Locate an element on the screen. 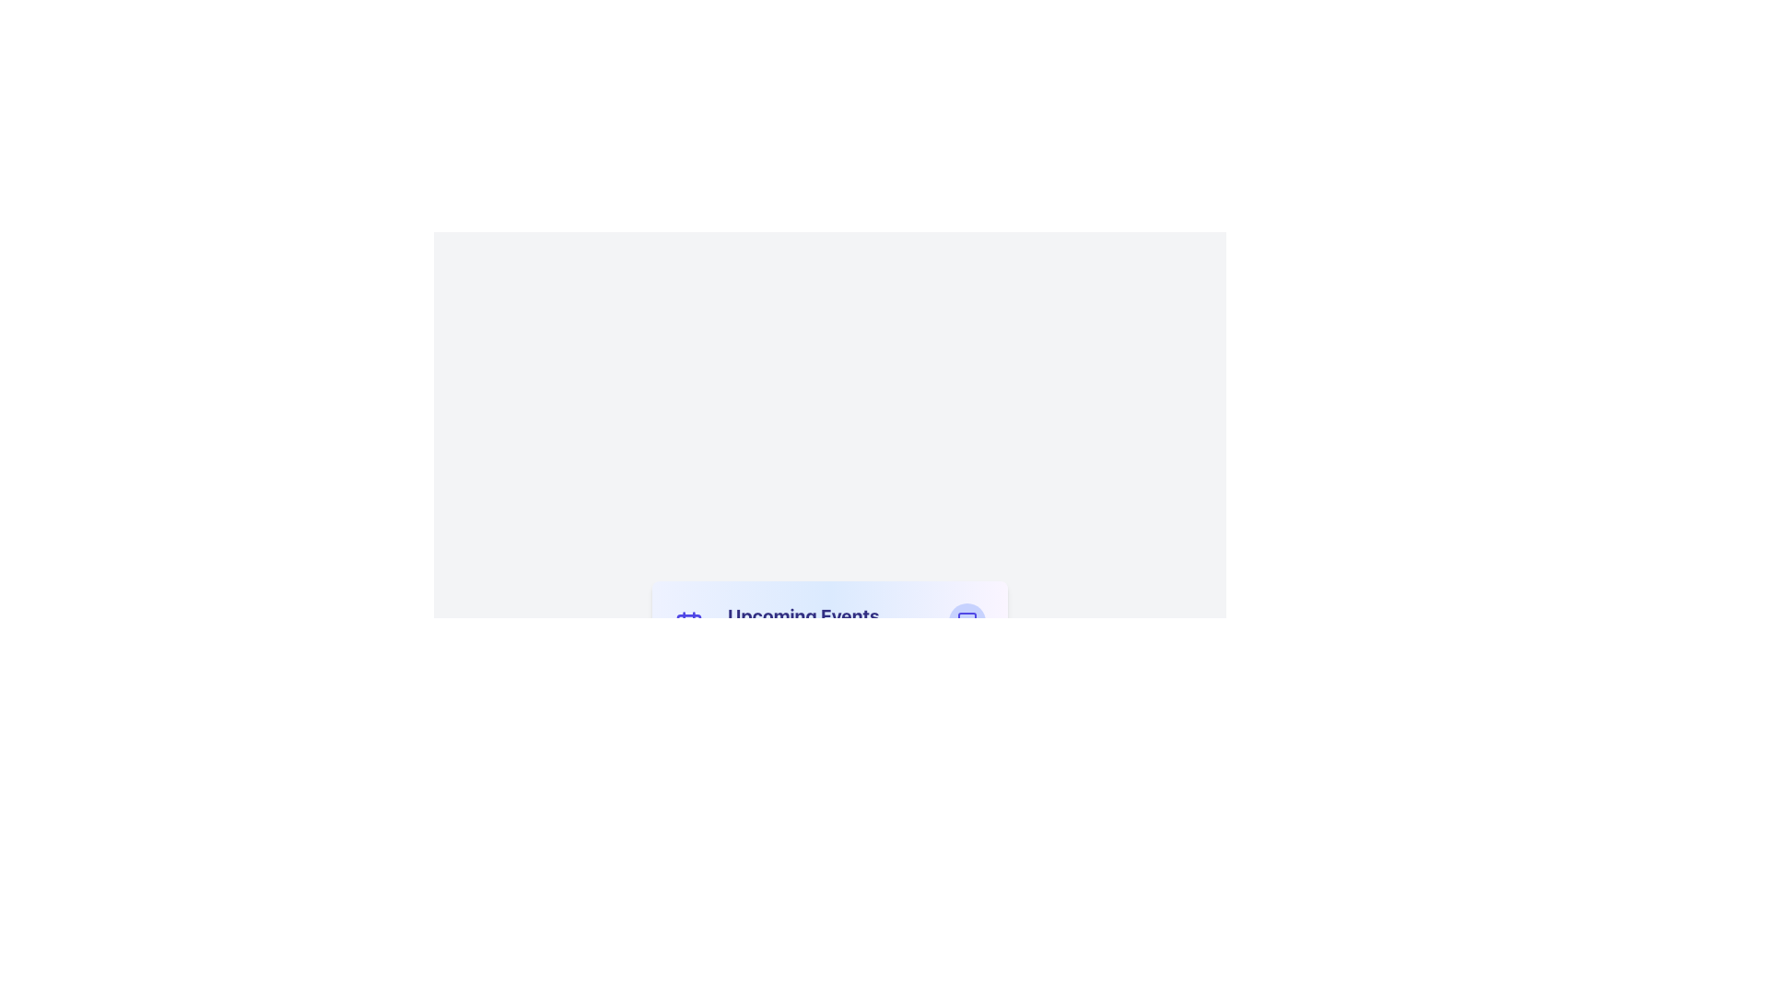  the small, square button-like icon with a blue outline and white background located in the bottom-right corner of the 'Upcoming Events' card is located at coordinates (967, 622).